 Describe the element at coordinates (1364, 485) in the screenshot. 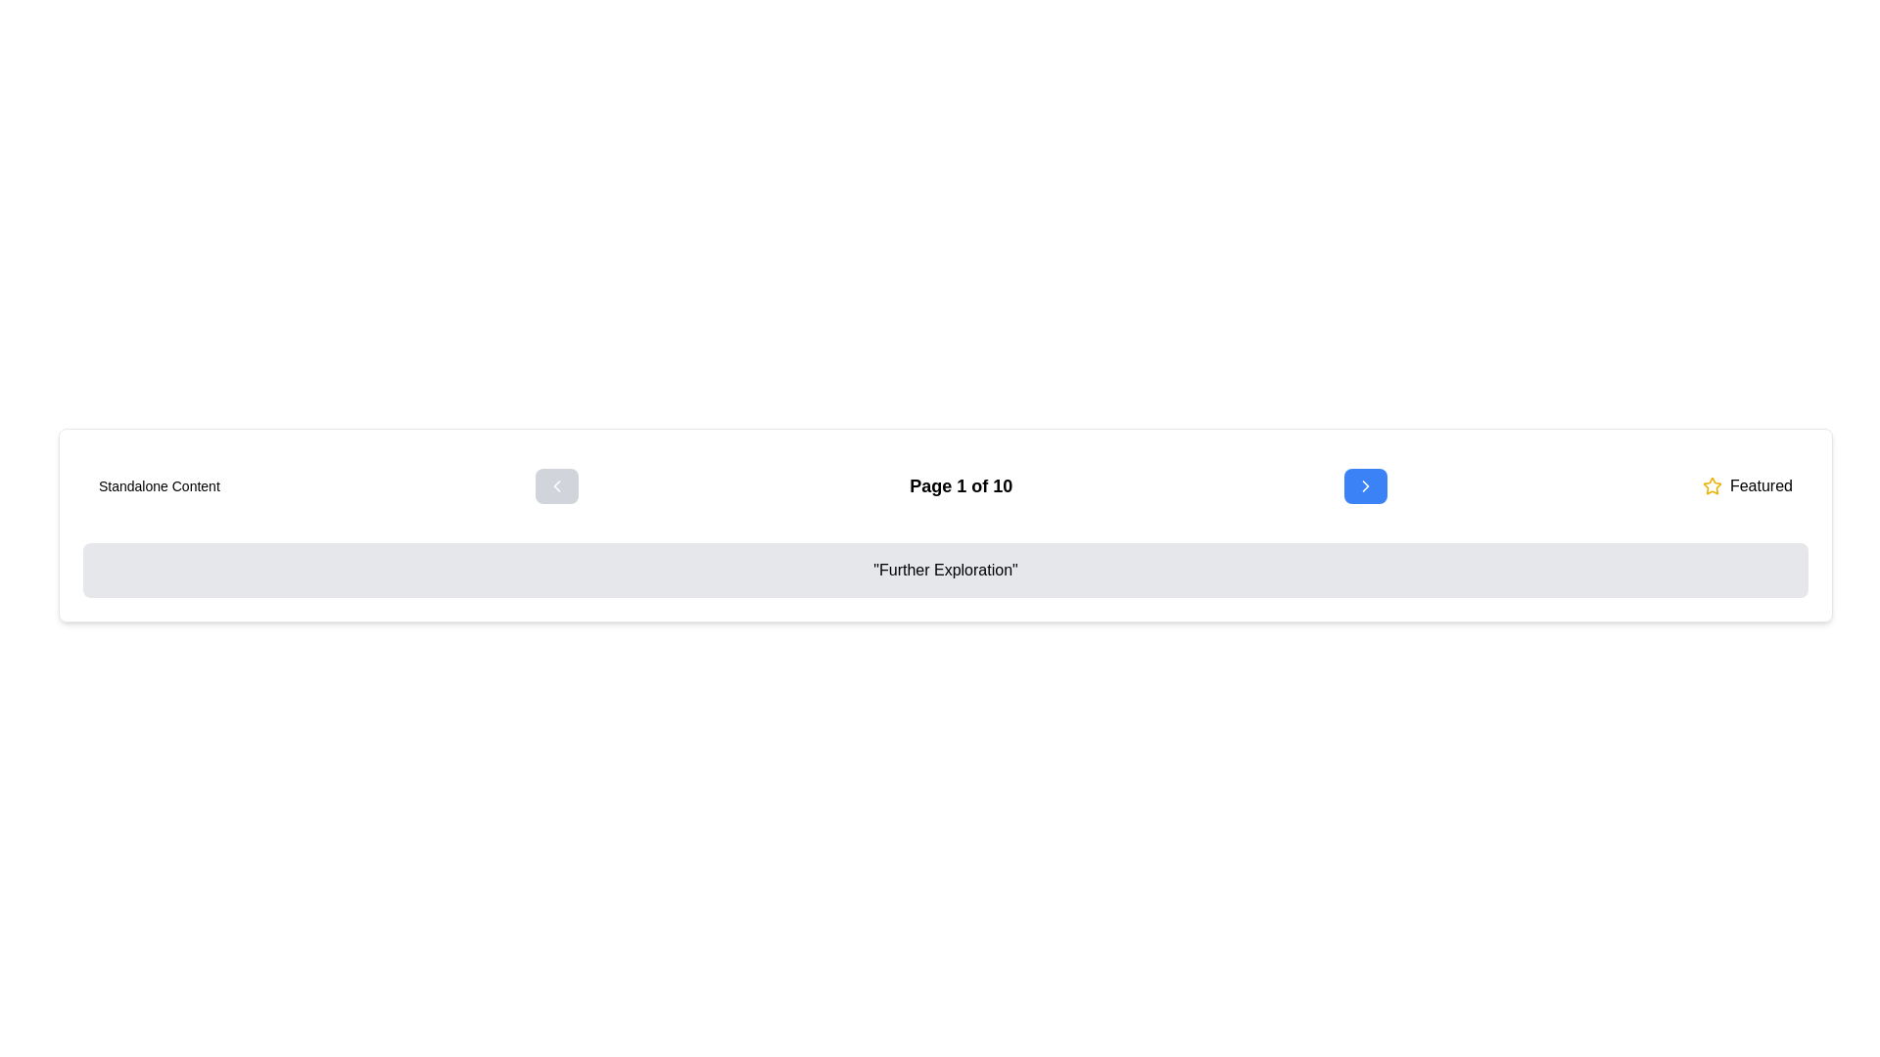

I see `the blue 'Next' button with a right-facing chevron icon` at that location.